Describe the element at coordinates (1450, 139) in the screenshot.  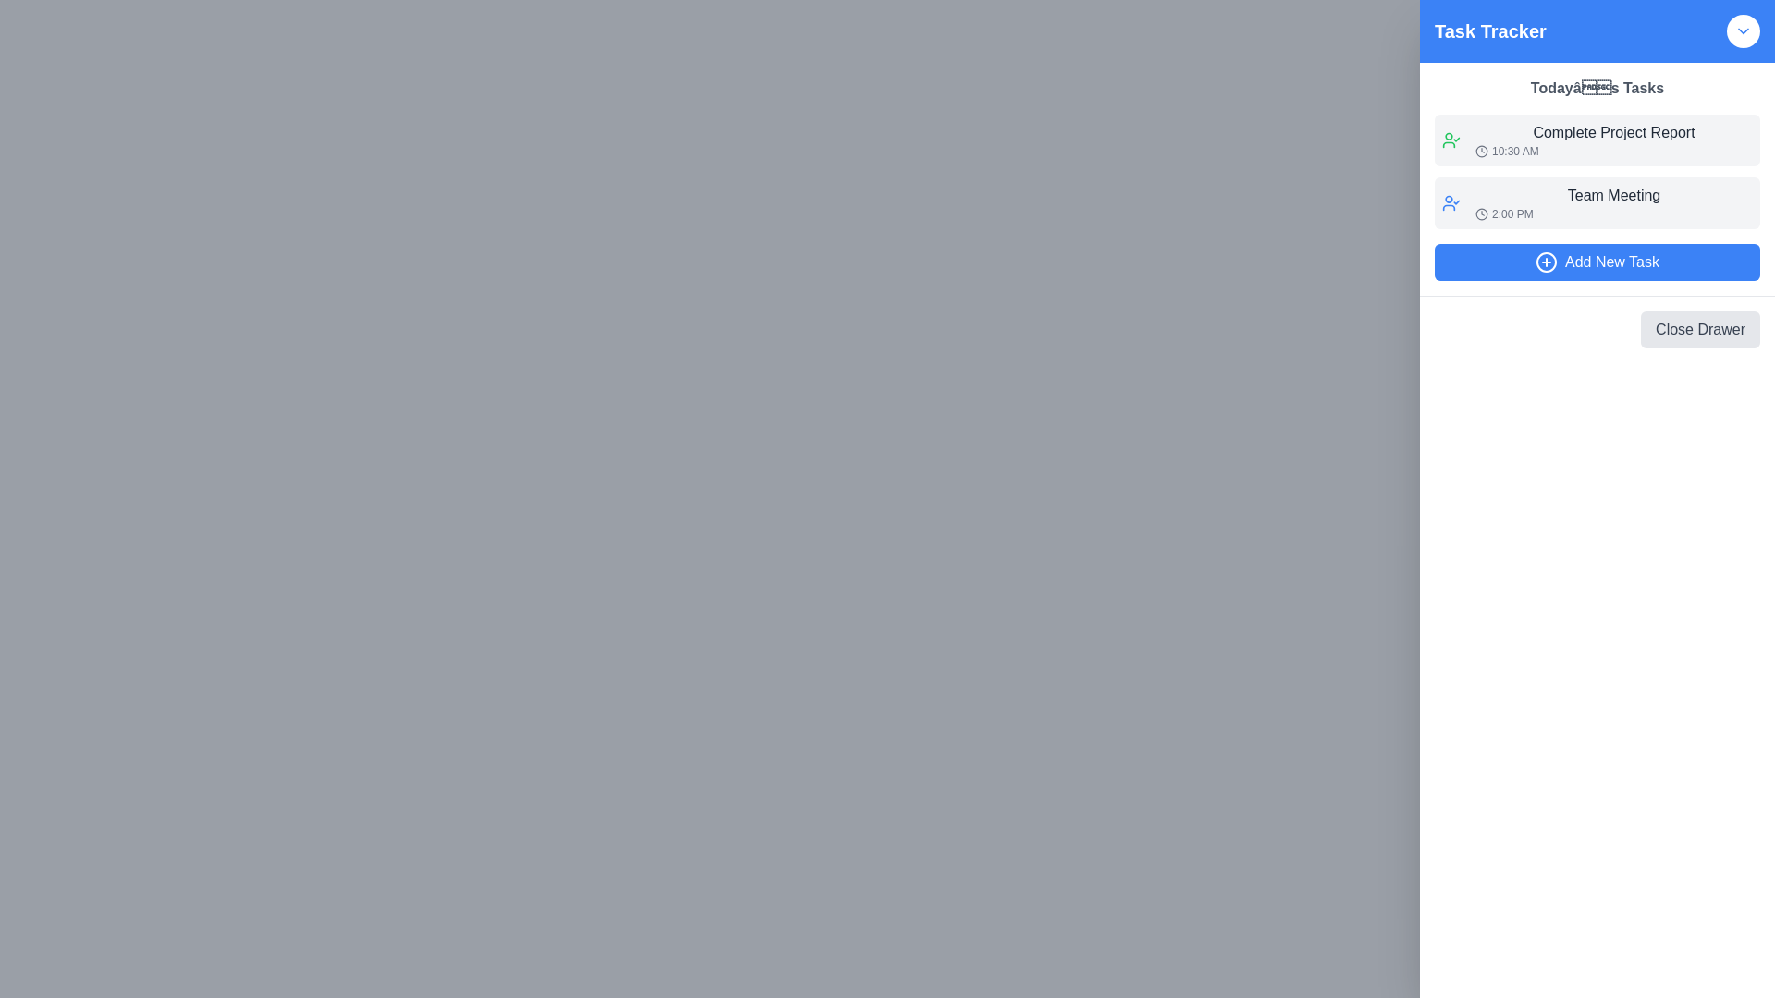
I see `the green user icon with a checkmark next to it, located at the top left of the 'Complete Project Report' task card` at that location.